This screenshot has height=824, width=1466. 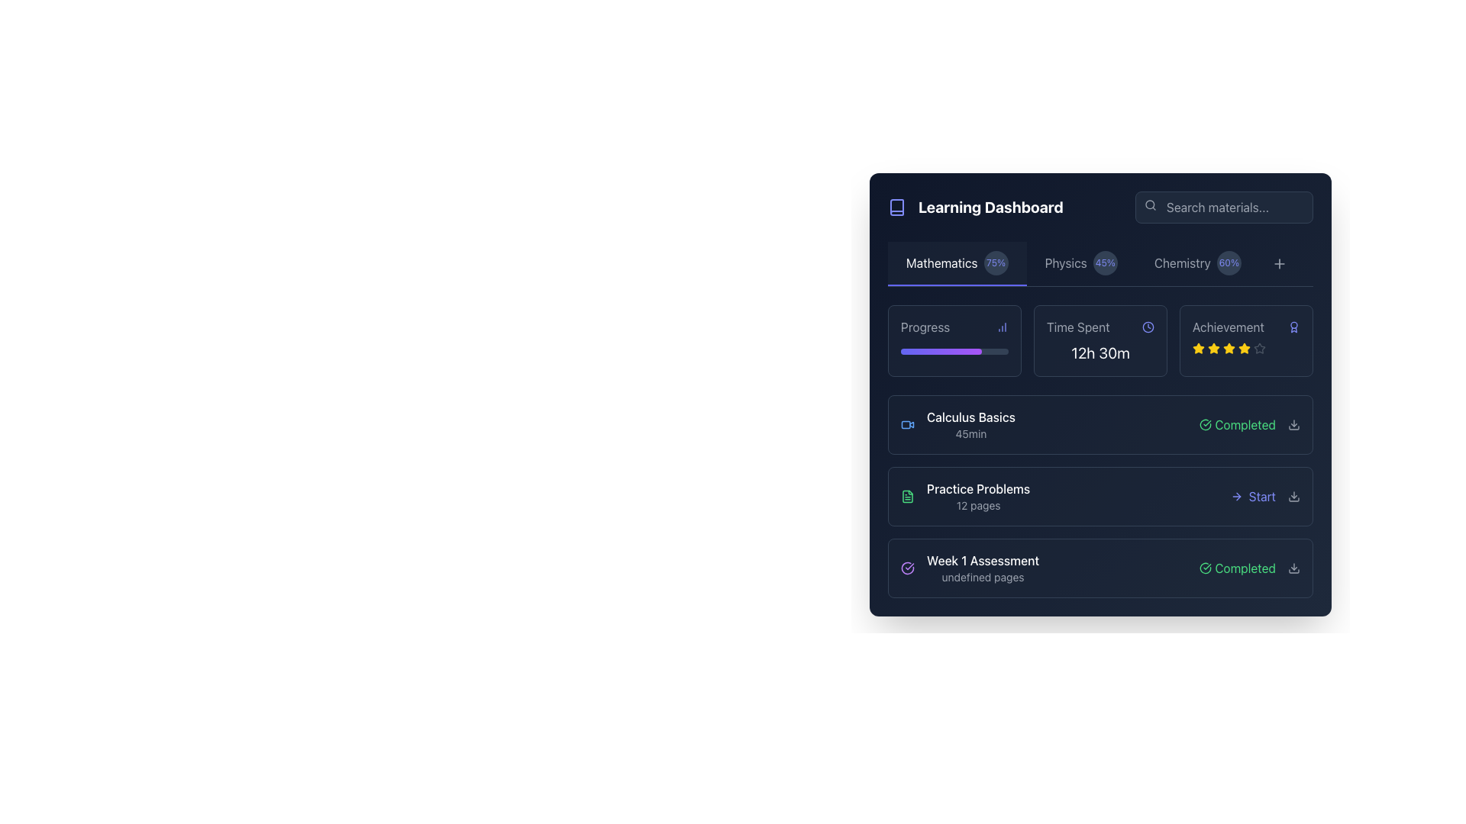 I want to click on the achievement icon located in the top-right area of the main content section, right of the 'Achievement' label, so click(x=1293, y=326).